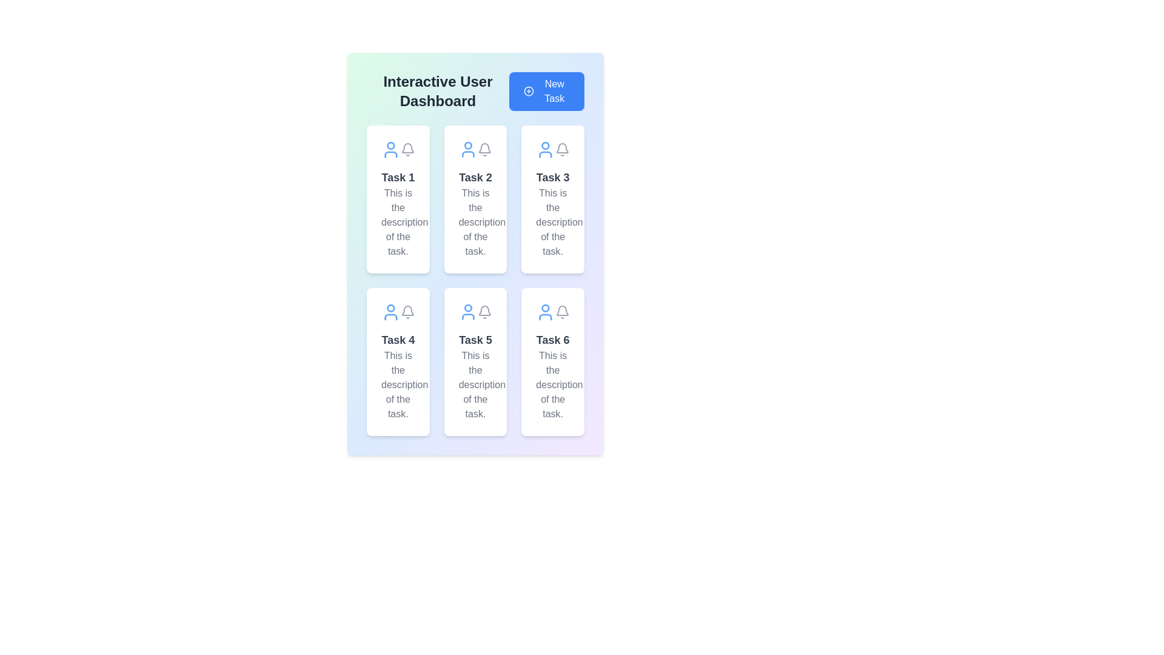  What do you see at coordinates (475, 149) in the screenshot?
I see `the Icon Group located at the top left corner of the 'Task 2' card, which provides visual representation of user-related and notification information` at bounding box center [475, 149].